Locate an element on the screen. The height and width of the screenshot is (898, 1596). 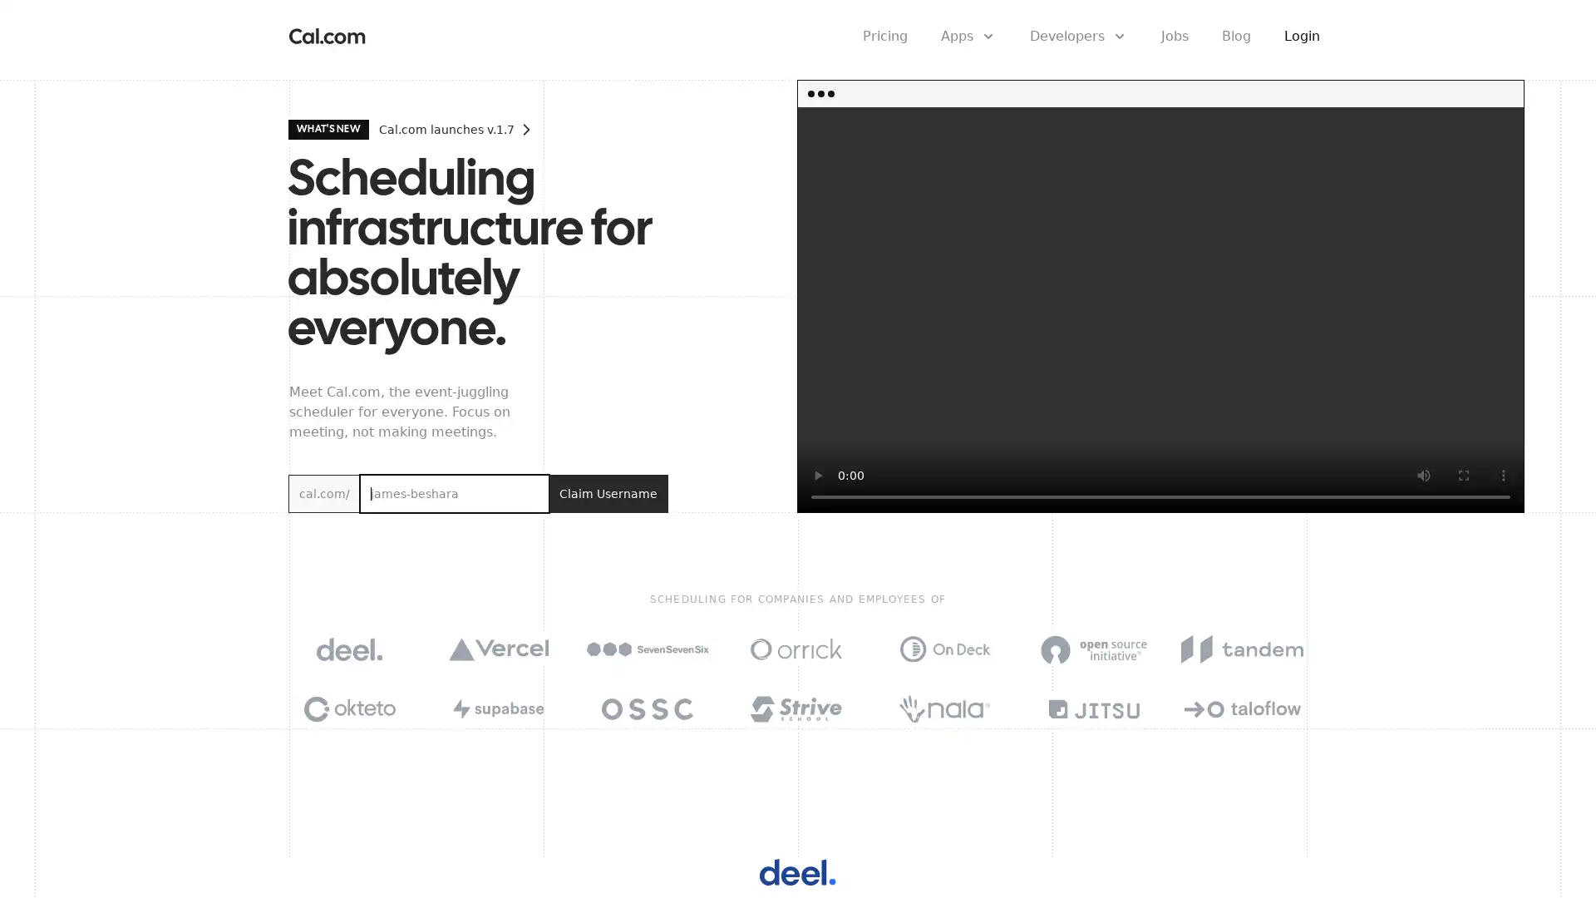
mute is located at coordinates (1423, 475).